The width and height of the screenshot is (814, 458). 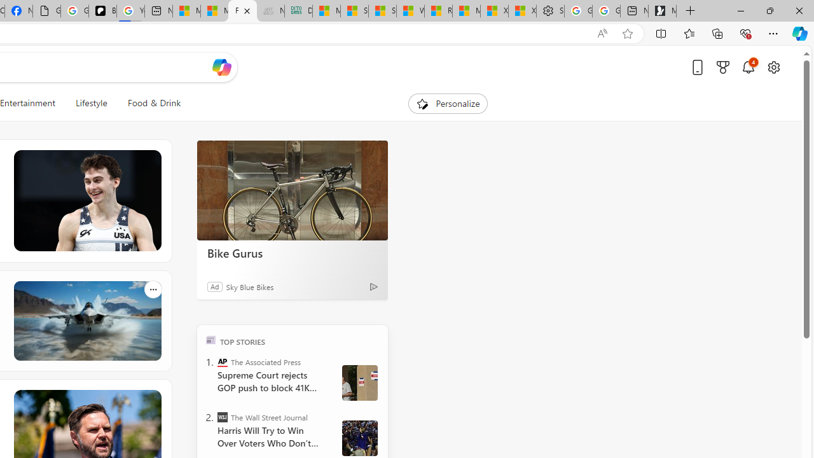 I want to click on 'TOP', so click(x=211, y=339).